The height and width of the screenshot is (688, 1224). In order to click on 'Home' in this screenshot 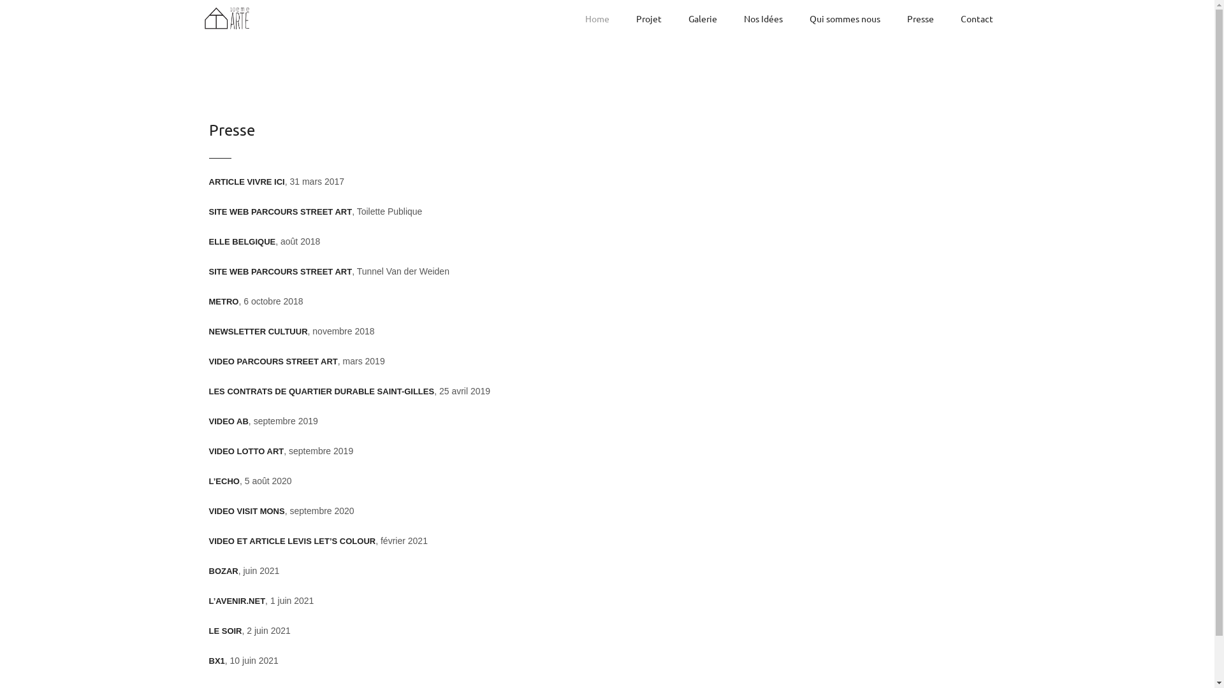, I will do `click(596, 18)`.